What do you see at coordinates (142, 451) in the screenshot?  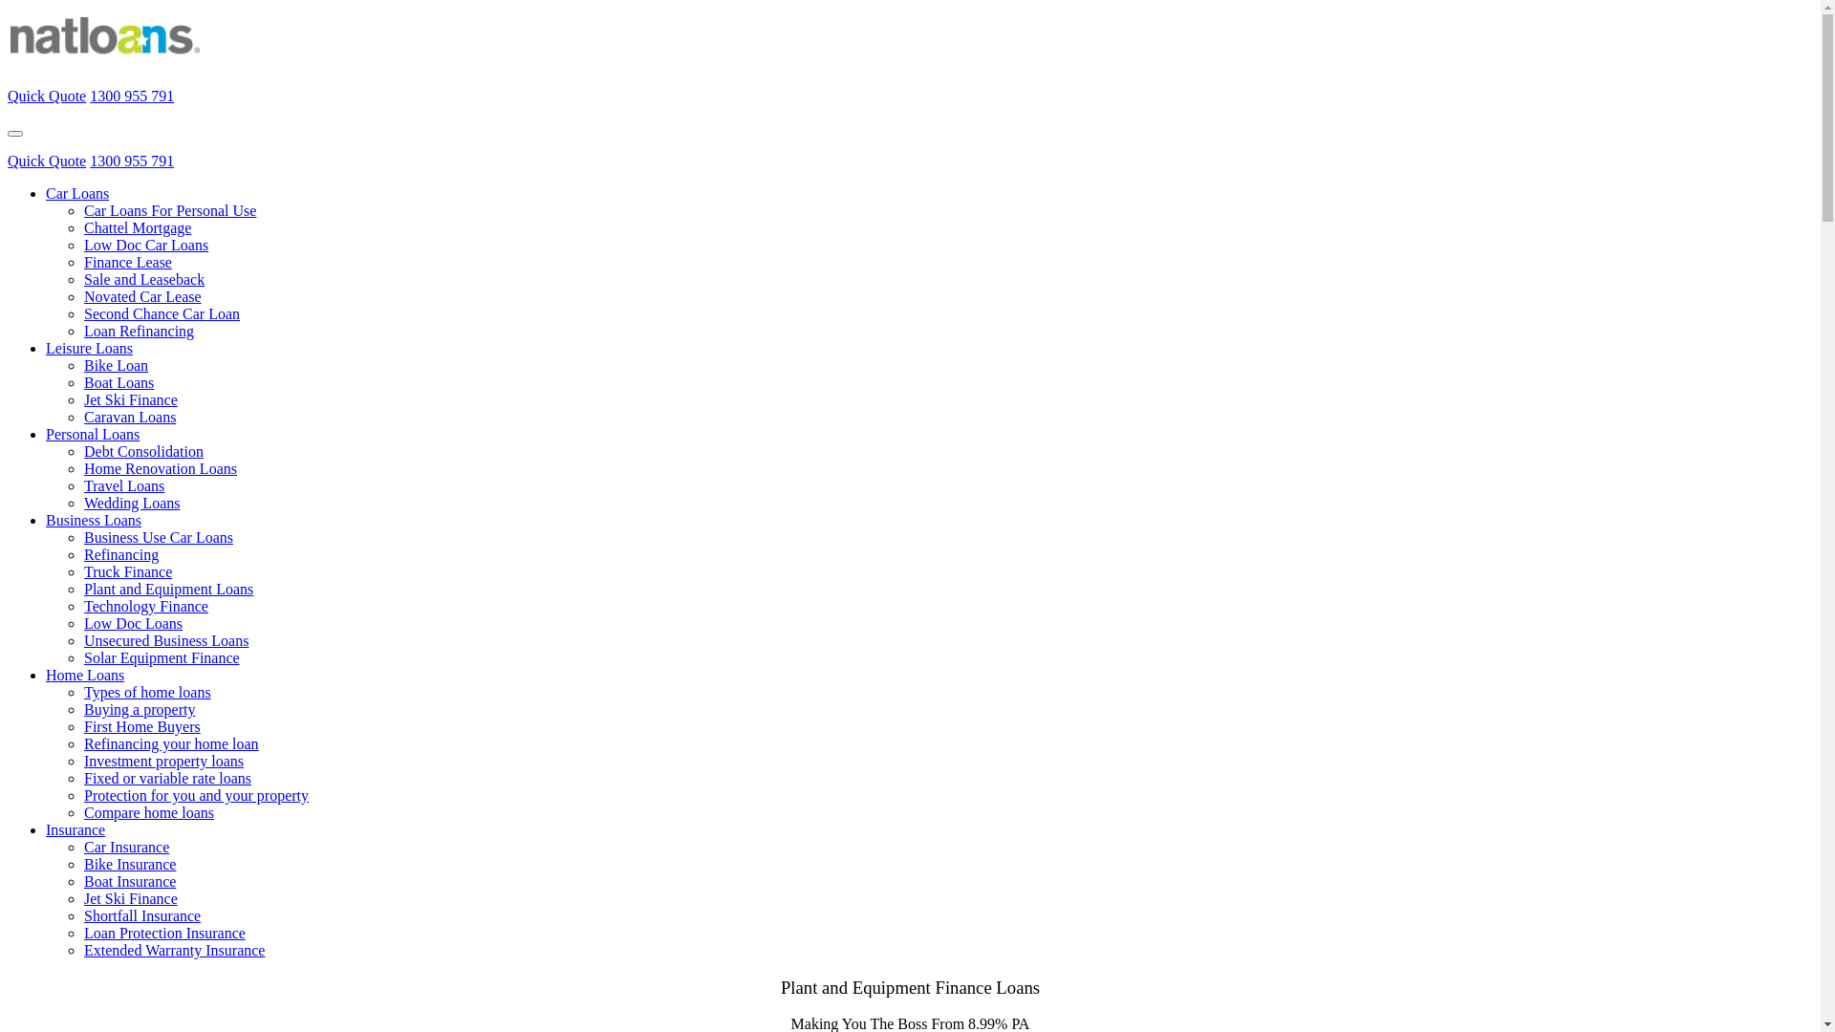 I see `'Debt Consolidation'` at bounding box center [142, 451].